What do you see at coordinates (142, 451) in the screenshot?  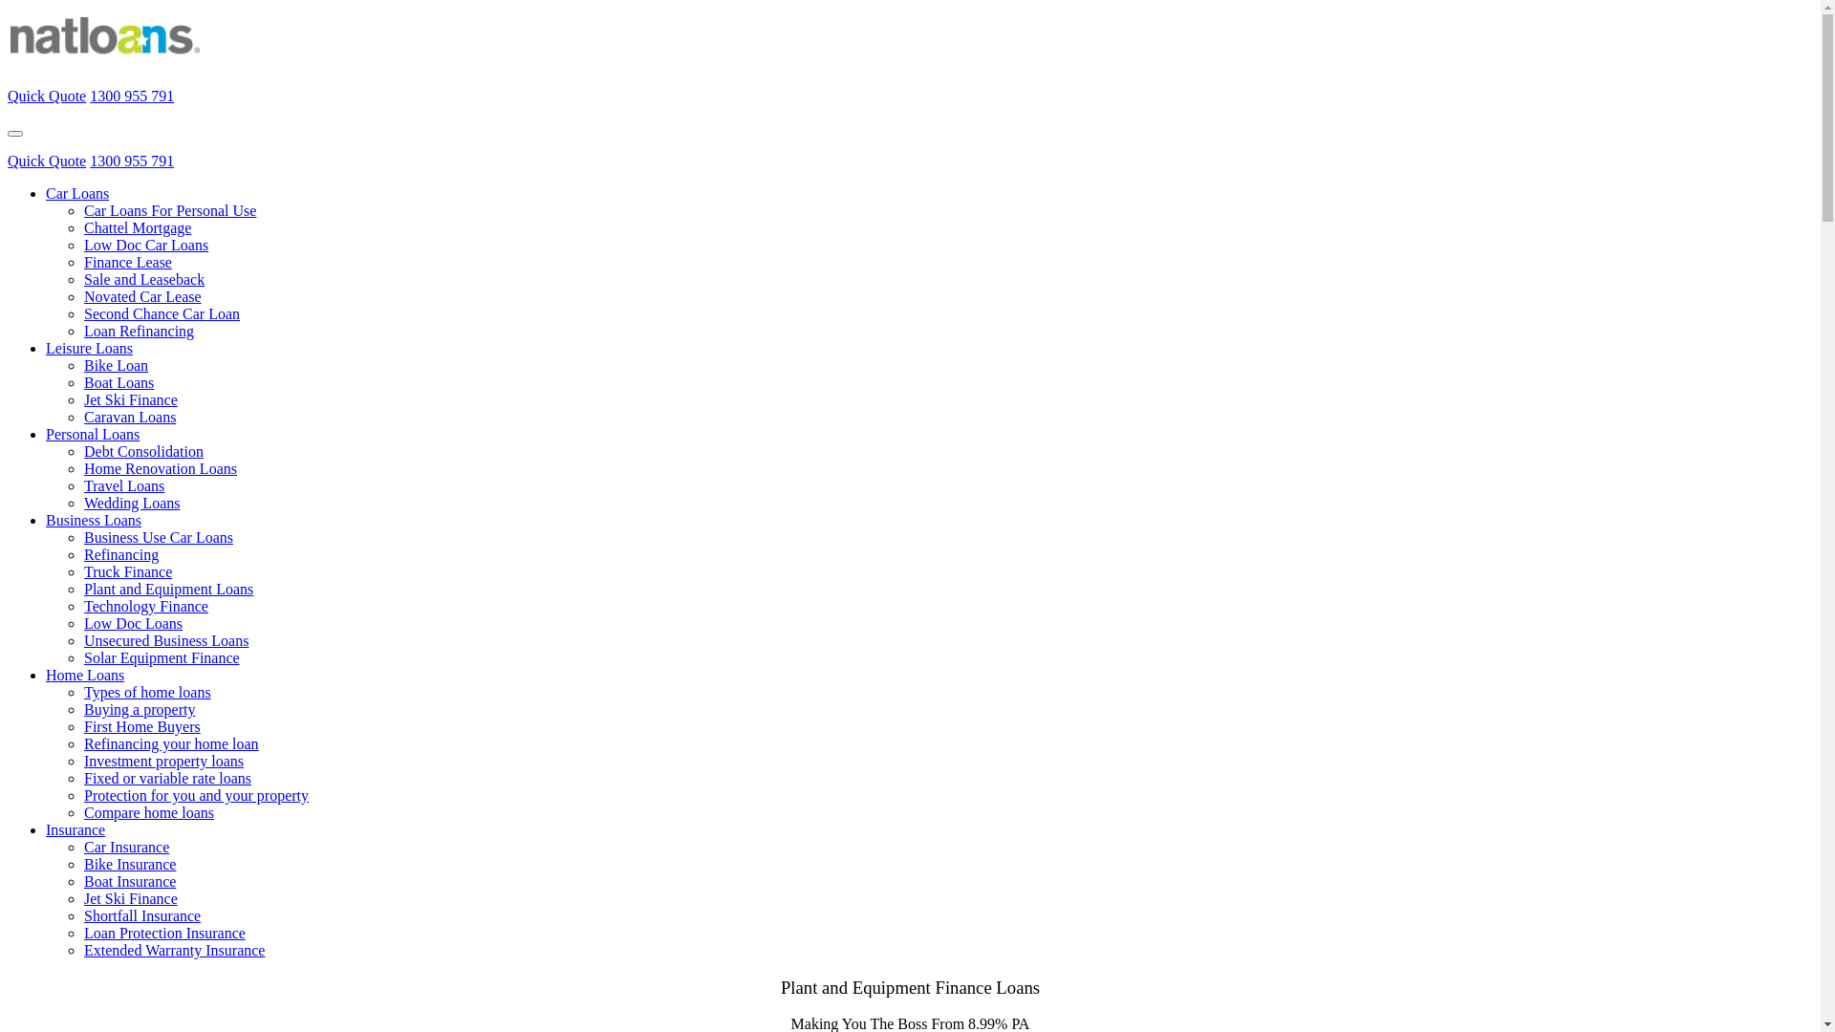 I see `'Debt Consolidation'` at bounding box center [142, 451].